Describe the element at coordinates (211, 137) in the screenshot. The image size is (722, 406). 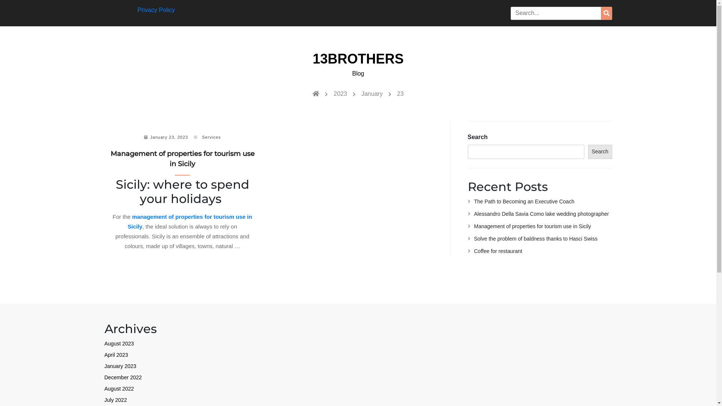
I see `'Services'` at that location.